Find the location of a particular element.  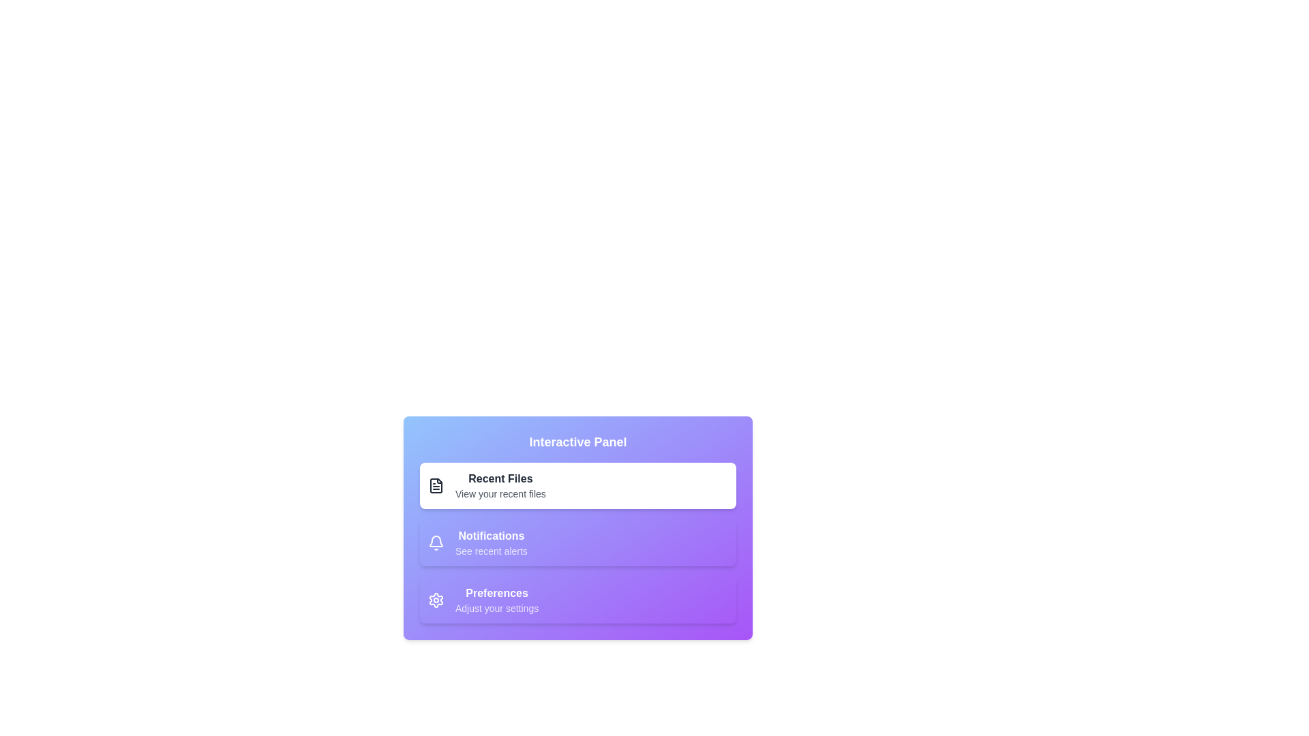

the section titled Preferences to view its tooltip is located at coordinates (578, 599).